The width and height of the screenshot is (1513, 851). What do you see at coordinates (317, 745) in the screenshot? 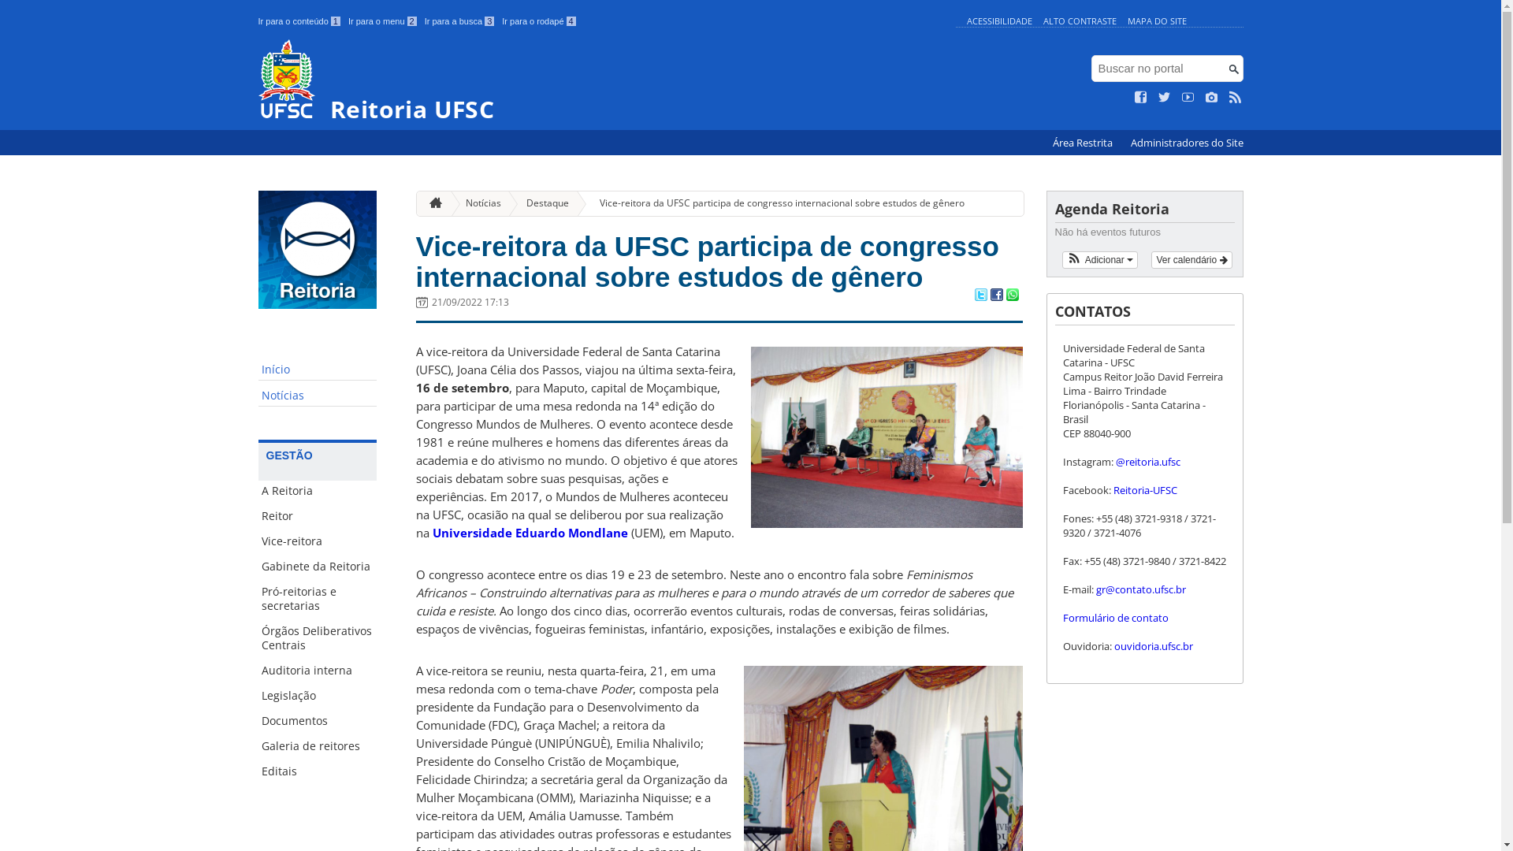
I see `'Galeria de reitores'` at bounding box center [317, 745].